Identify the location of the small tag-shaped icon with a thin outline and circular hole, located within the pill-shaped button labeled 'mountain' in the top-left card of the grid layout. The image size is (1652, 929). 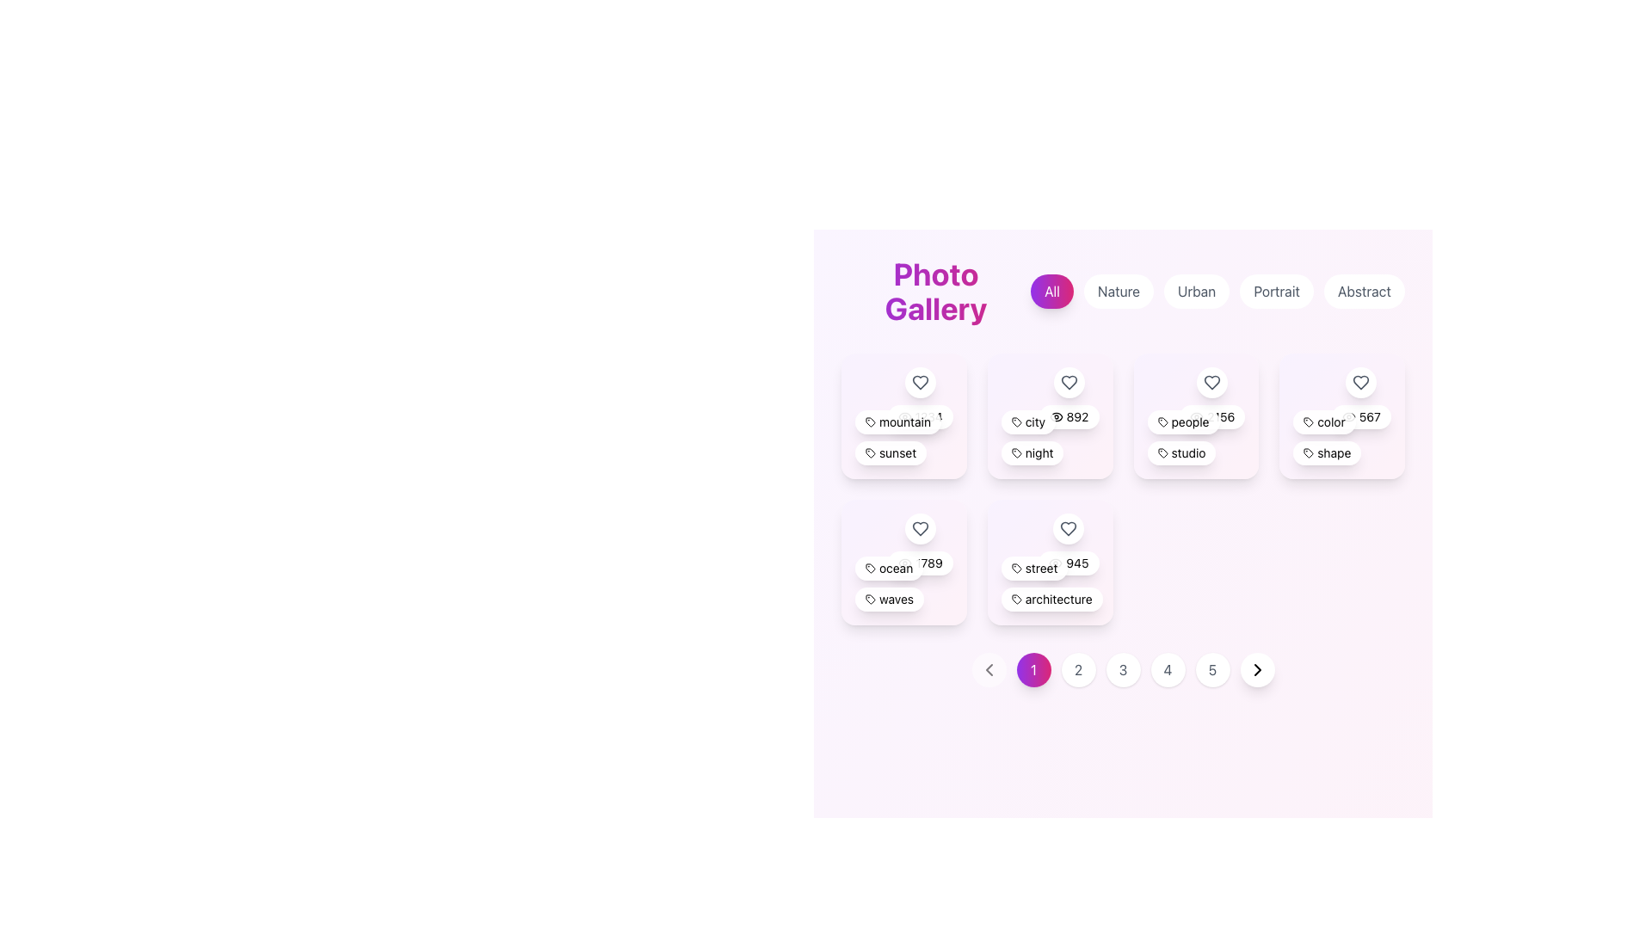
(871, 421).